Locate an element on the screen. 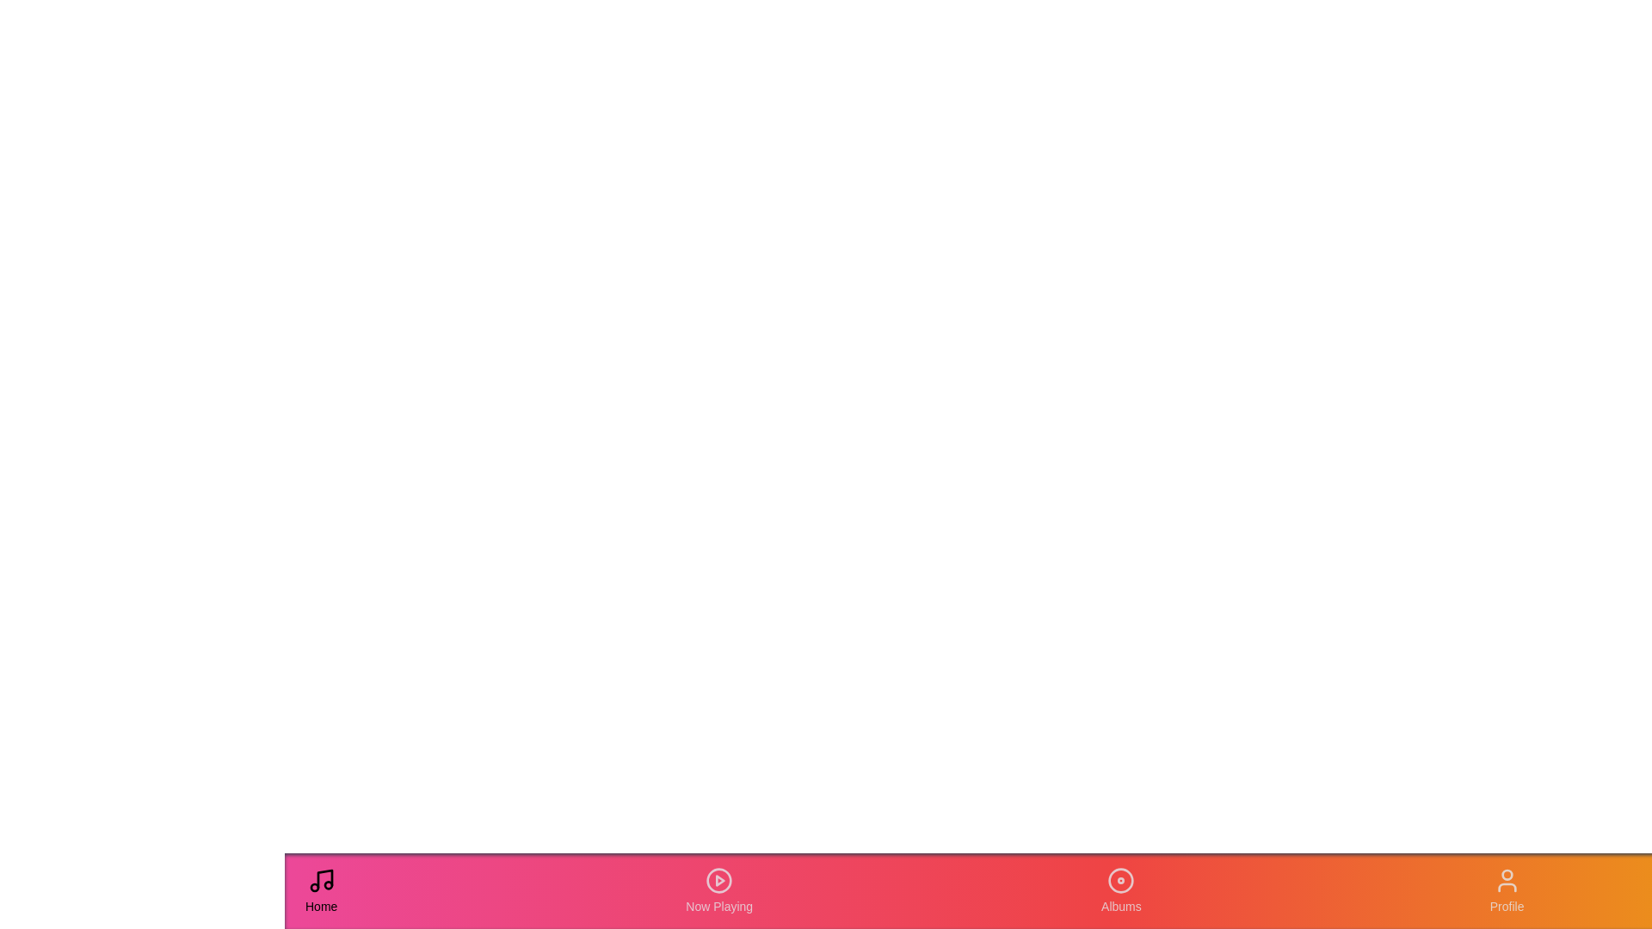 Image resolution: width=1652 pixels, height=929 pixels. the Home tab in the navigation bar is located at coordinates (321, 890).